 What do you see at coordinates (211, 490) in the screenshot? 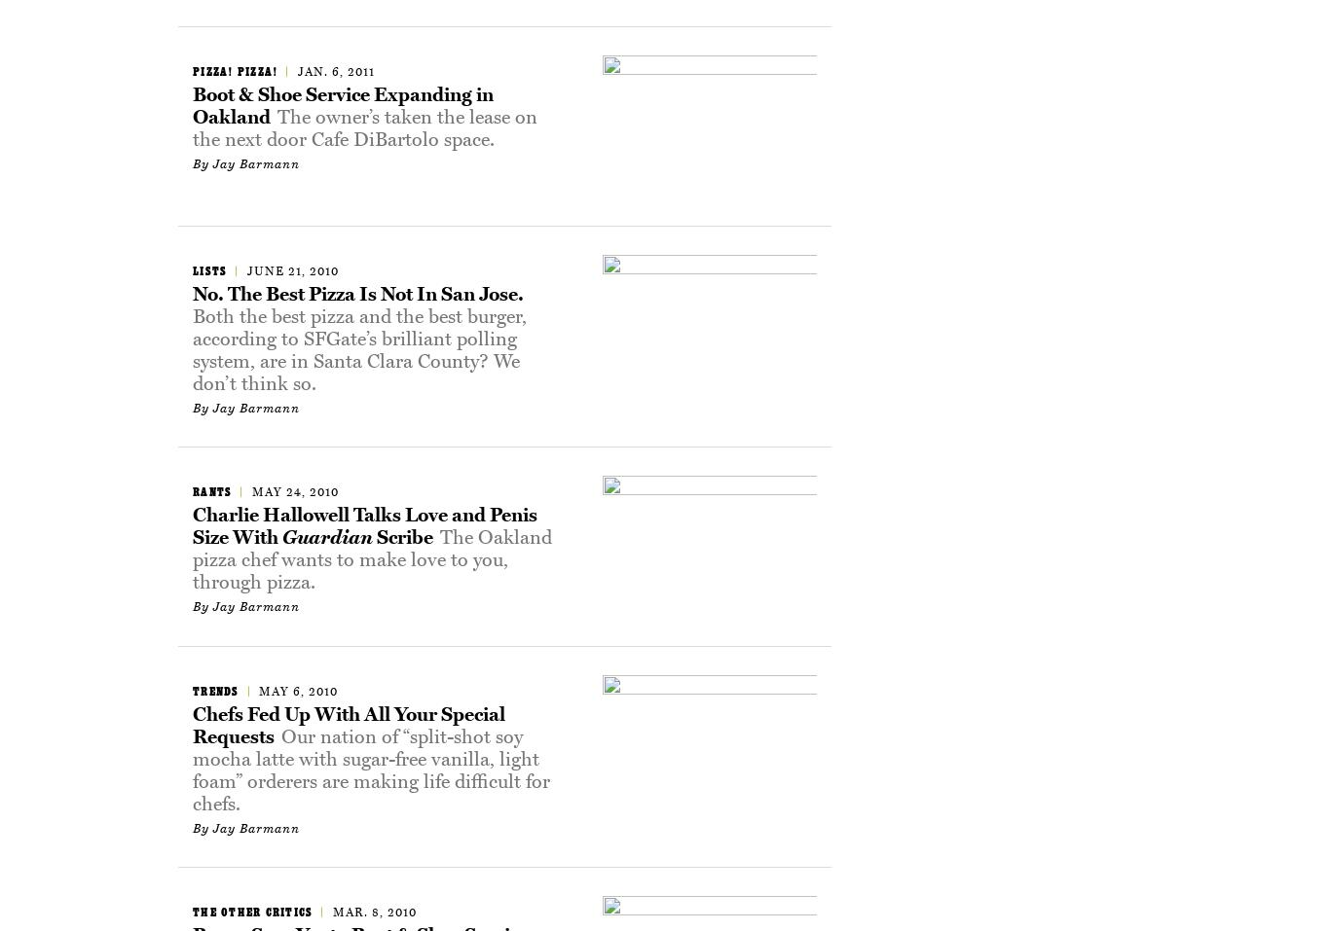
I see `'Rants'` at bounding box center [211, 490].